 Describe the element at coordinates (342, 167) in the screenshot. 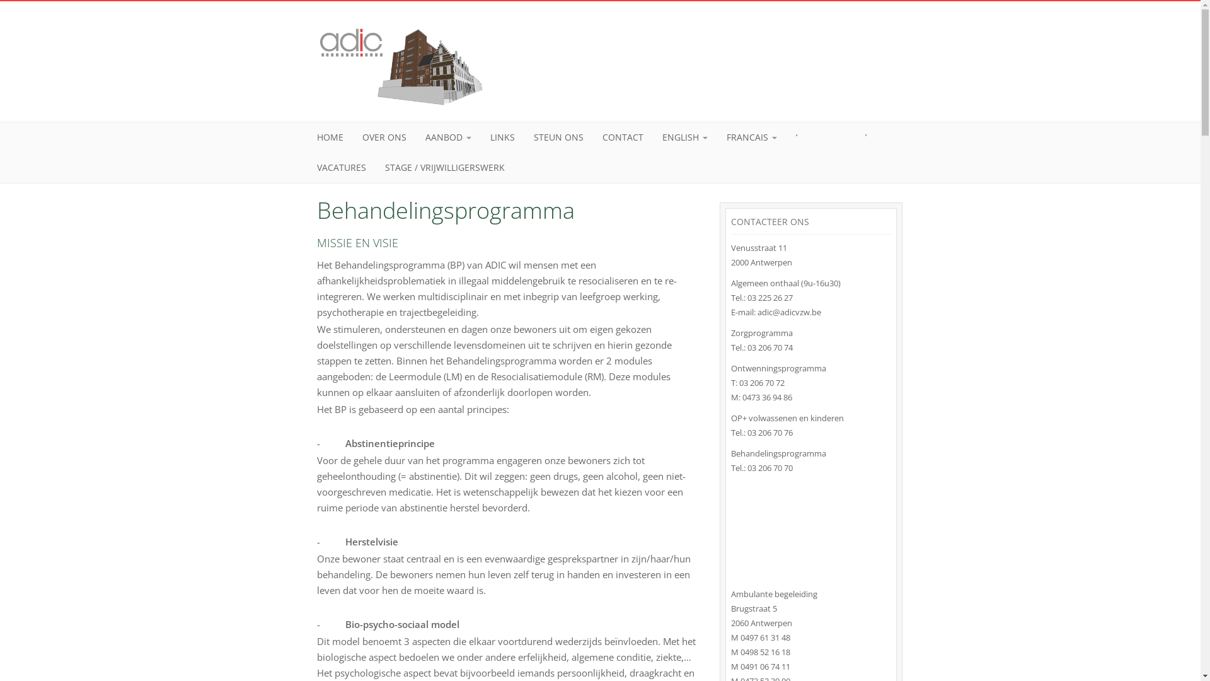

I see `'VACATURES'` at that location.